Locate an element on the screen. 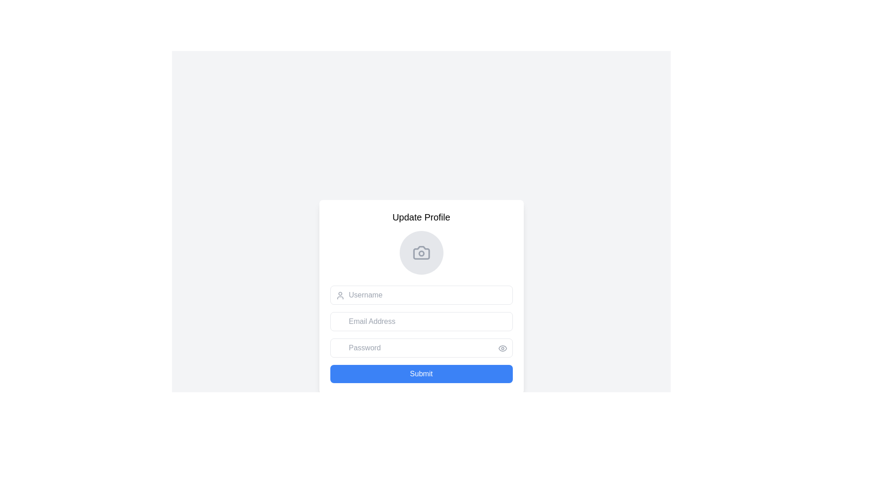  the circular profile picture placeholder icon located at the top of the 'Update Profile' form is located at coordinates (421, 253).